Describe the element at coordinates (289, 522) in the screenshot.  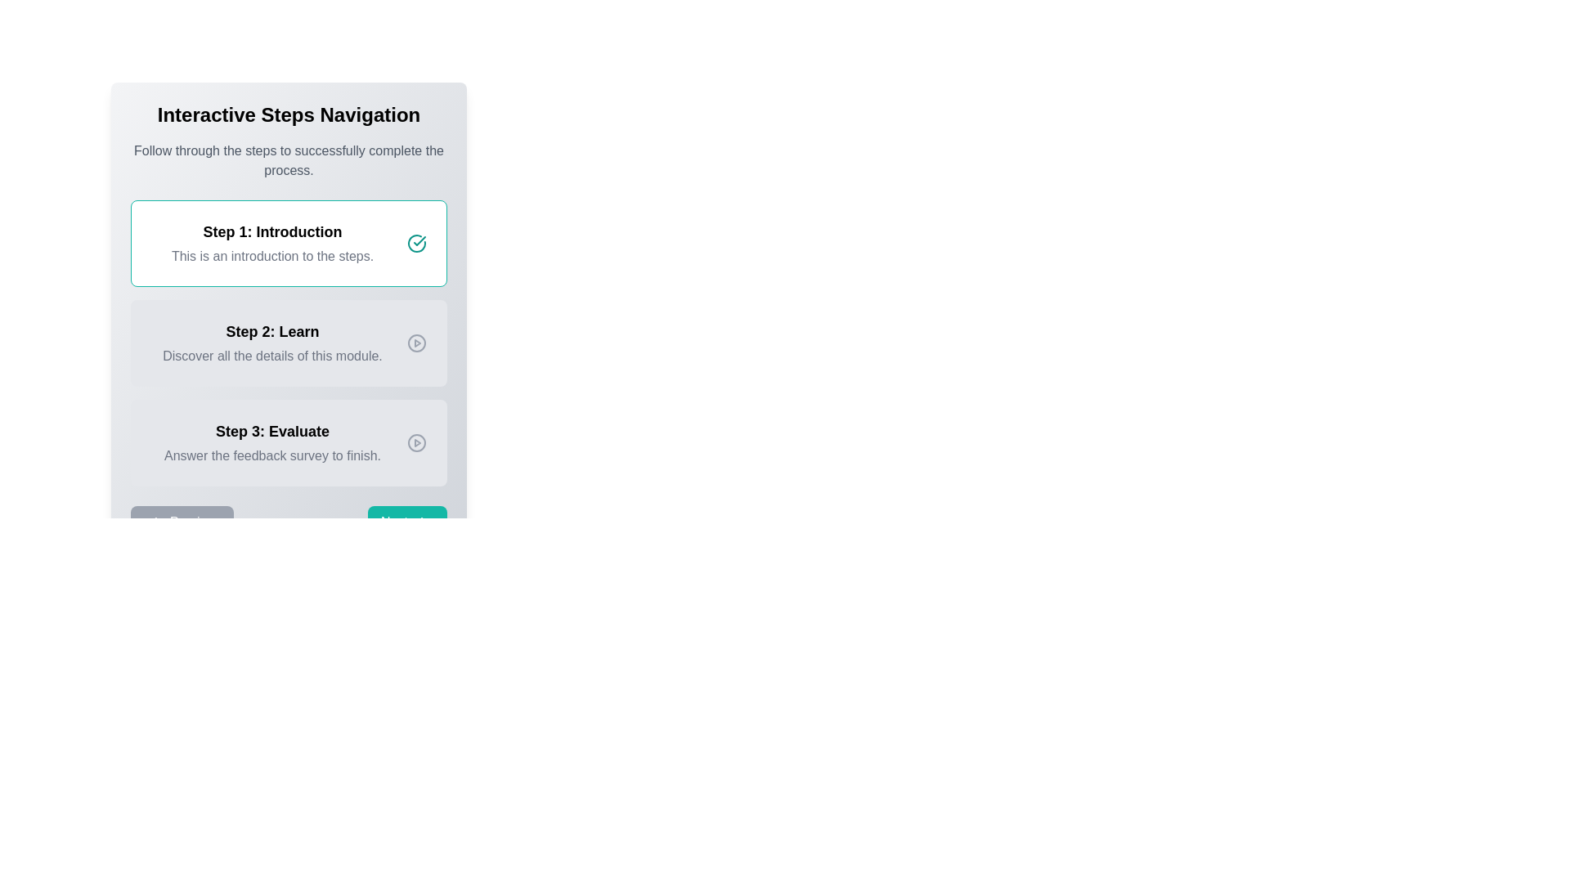
I see `the 'Next' button in the button group component to advance to the following step in the sequence` at that location.